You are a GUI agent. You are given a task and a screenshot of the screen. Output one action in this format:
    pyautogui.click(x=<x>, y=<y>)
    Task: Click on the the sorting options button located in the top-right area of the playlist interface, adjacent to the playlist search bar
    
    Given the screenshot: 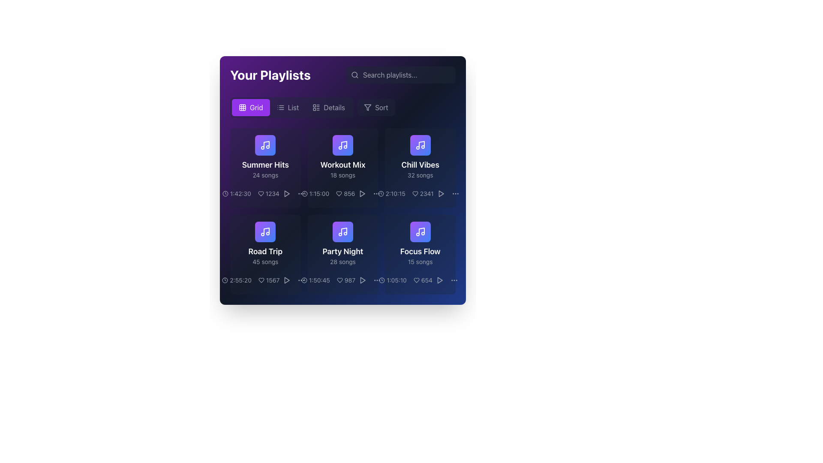 What is the action you would take?
    pyautogui.click(x=376, y=107)
    